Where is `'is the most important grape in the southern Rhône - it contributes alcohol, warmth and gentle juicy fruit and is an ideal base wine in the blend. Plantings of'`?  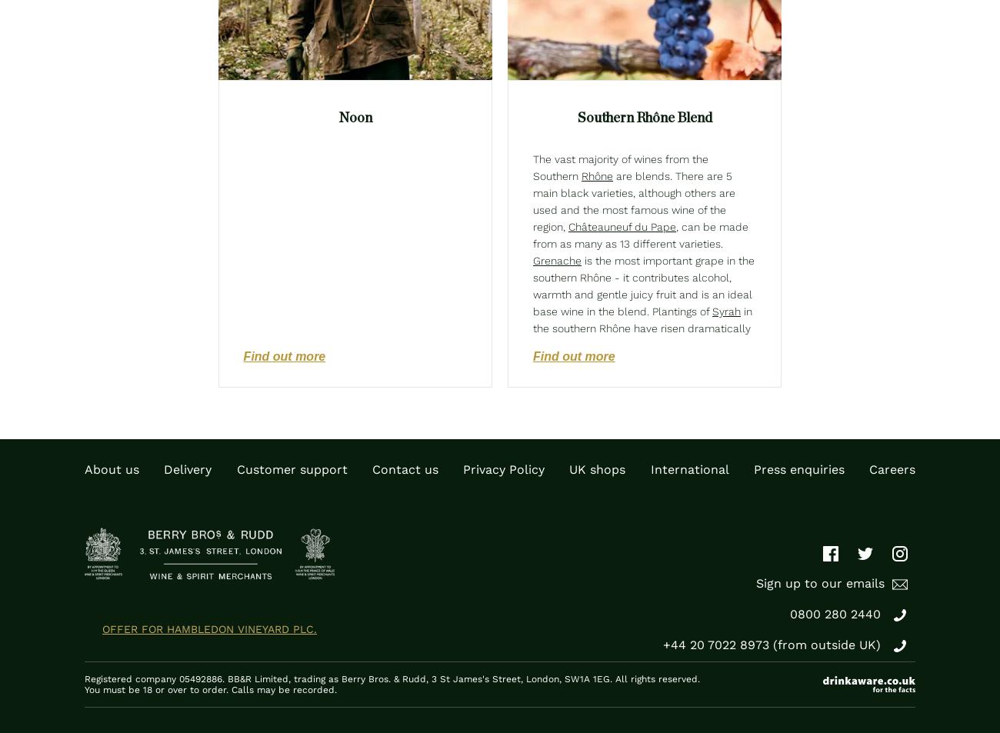 'is the most important grape in the southern Rhône - it contributes alcohol, warmth and gentle juicy fruit and is an ideal base wine in the blend. Plantings of' is located at coordinates (643, 285).